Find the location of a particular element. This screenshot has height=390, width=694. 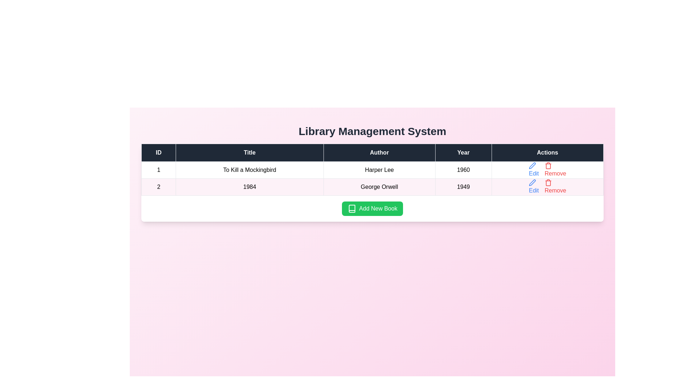

the blue 'Edit' button with a pen icon in the Actions column of the second row in the table to trigger a color change is located at coordinates (534, 186).